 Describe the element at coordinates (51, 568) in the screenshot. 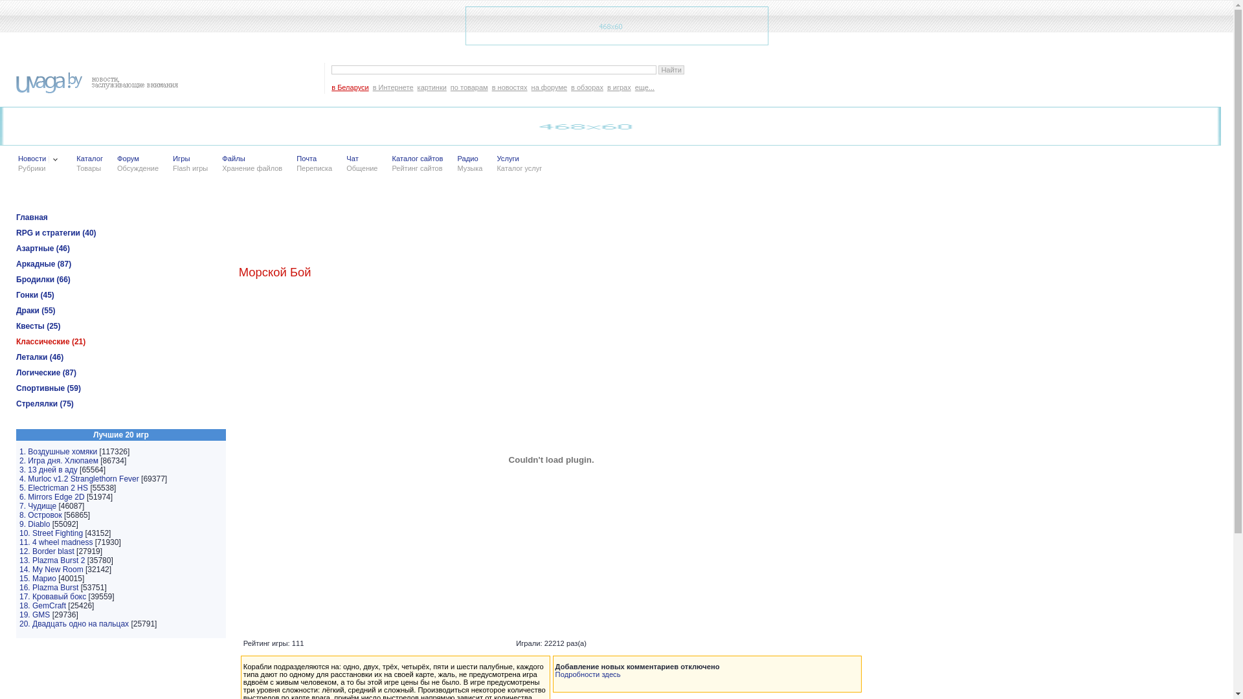

I see `'14. My New Room'` at that location.